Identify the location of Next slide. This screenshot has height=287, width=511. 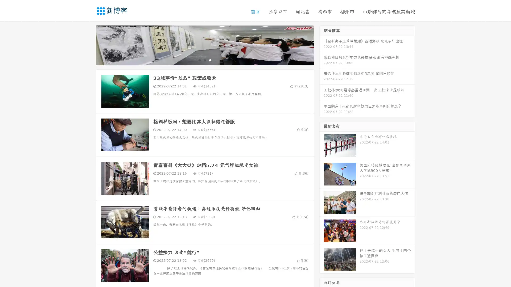
(322, 45).